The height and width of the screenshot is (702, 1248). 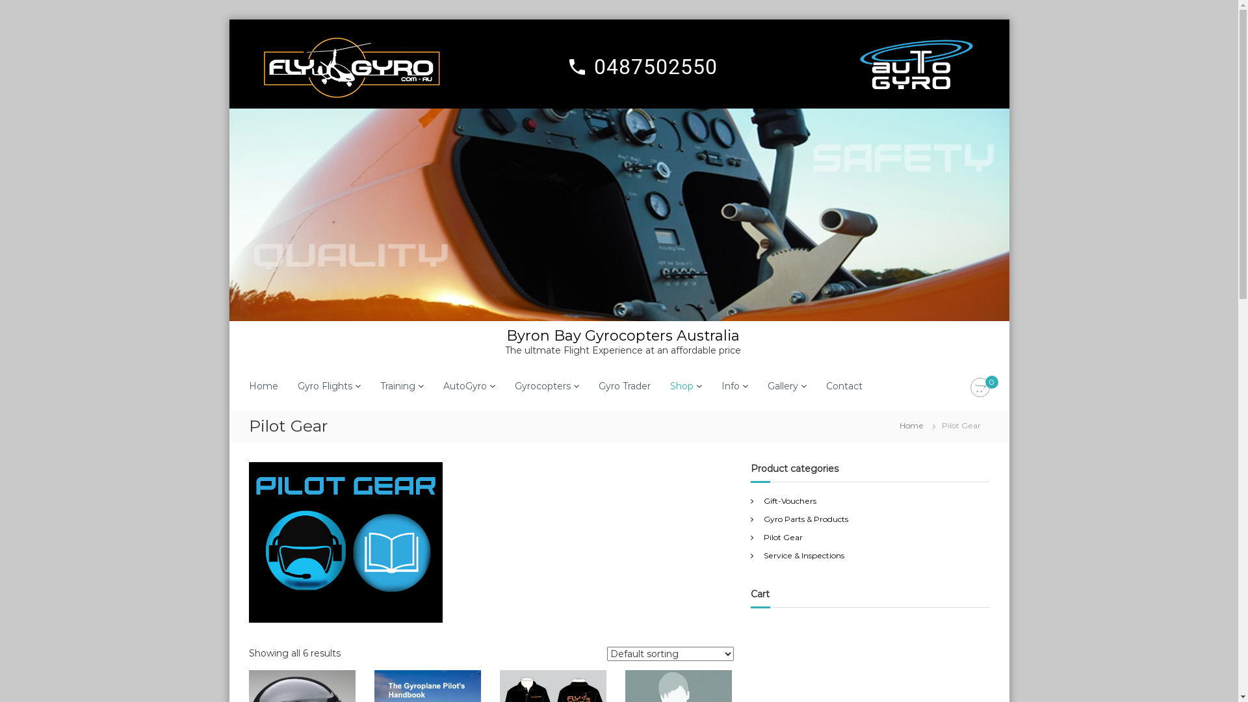 I want to click on 'Gyro Flights', so click(x=296, y=385).